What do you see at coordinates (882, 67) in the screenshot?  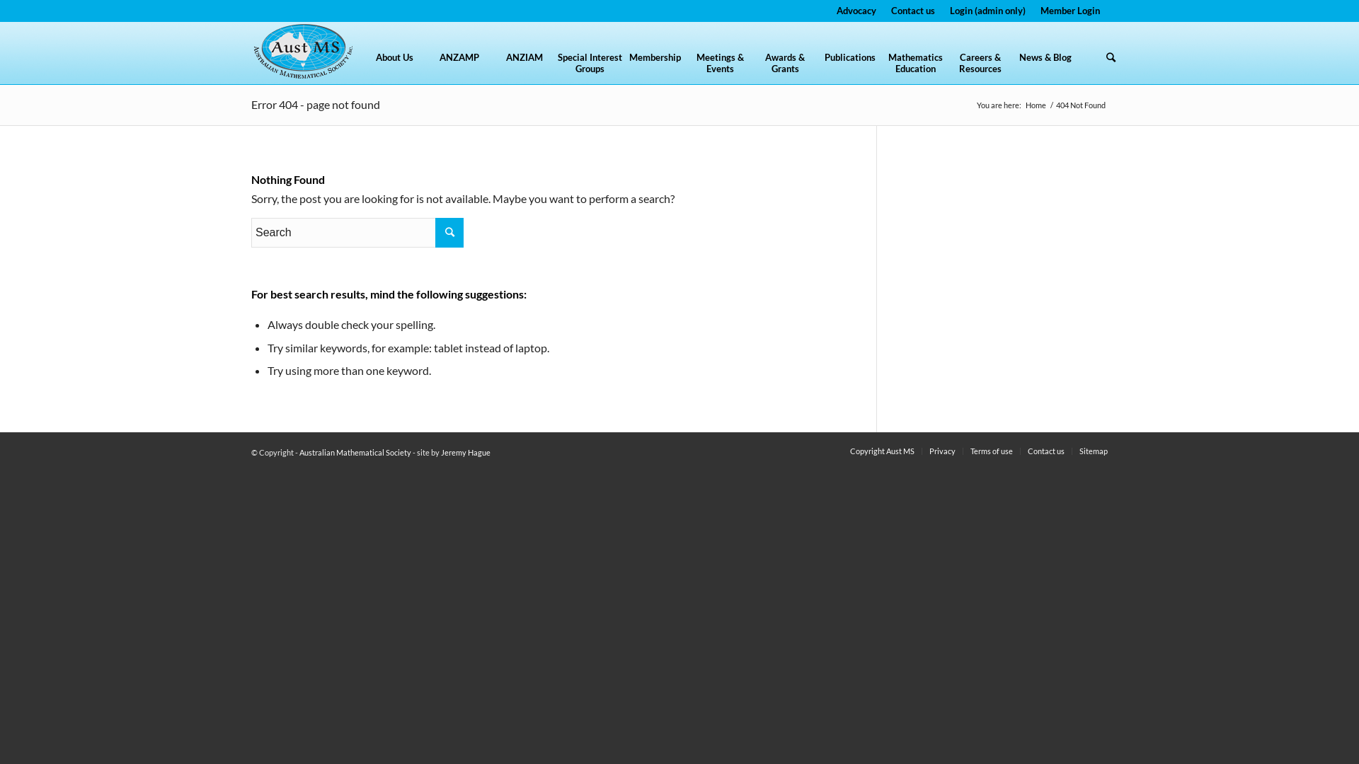 I see `'Mathematics Education'` at bounding box center [882, 67].